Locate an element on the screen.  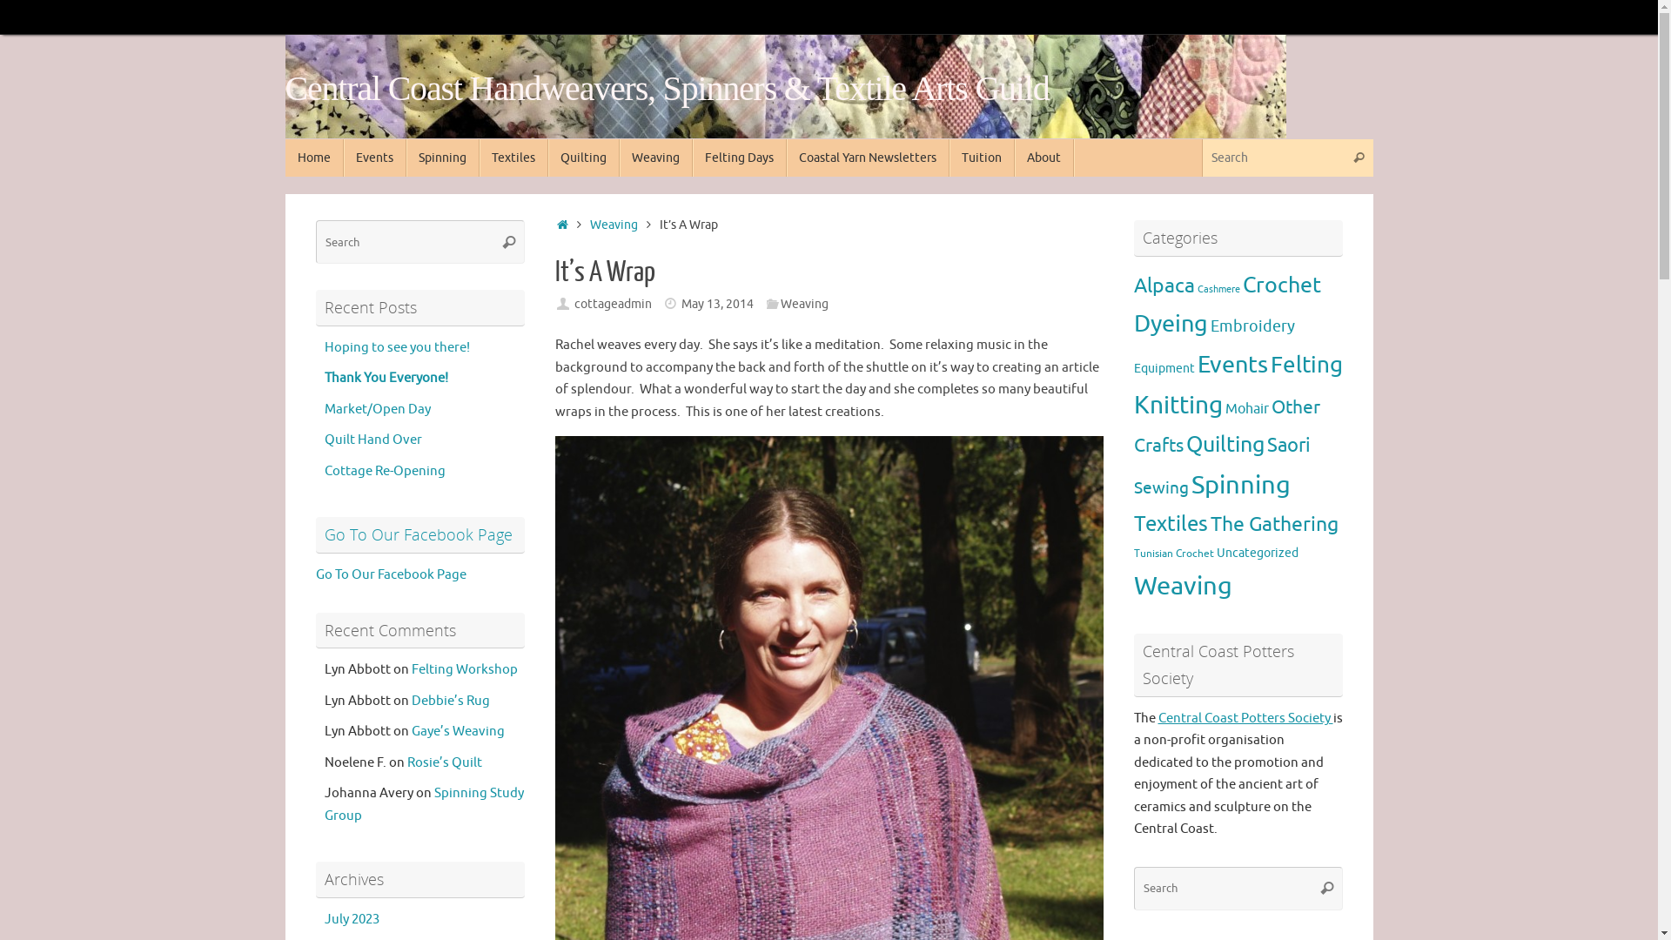
'Coastal Yarn Newsletters' is located at coordinates (868, 158).